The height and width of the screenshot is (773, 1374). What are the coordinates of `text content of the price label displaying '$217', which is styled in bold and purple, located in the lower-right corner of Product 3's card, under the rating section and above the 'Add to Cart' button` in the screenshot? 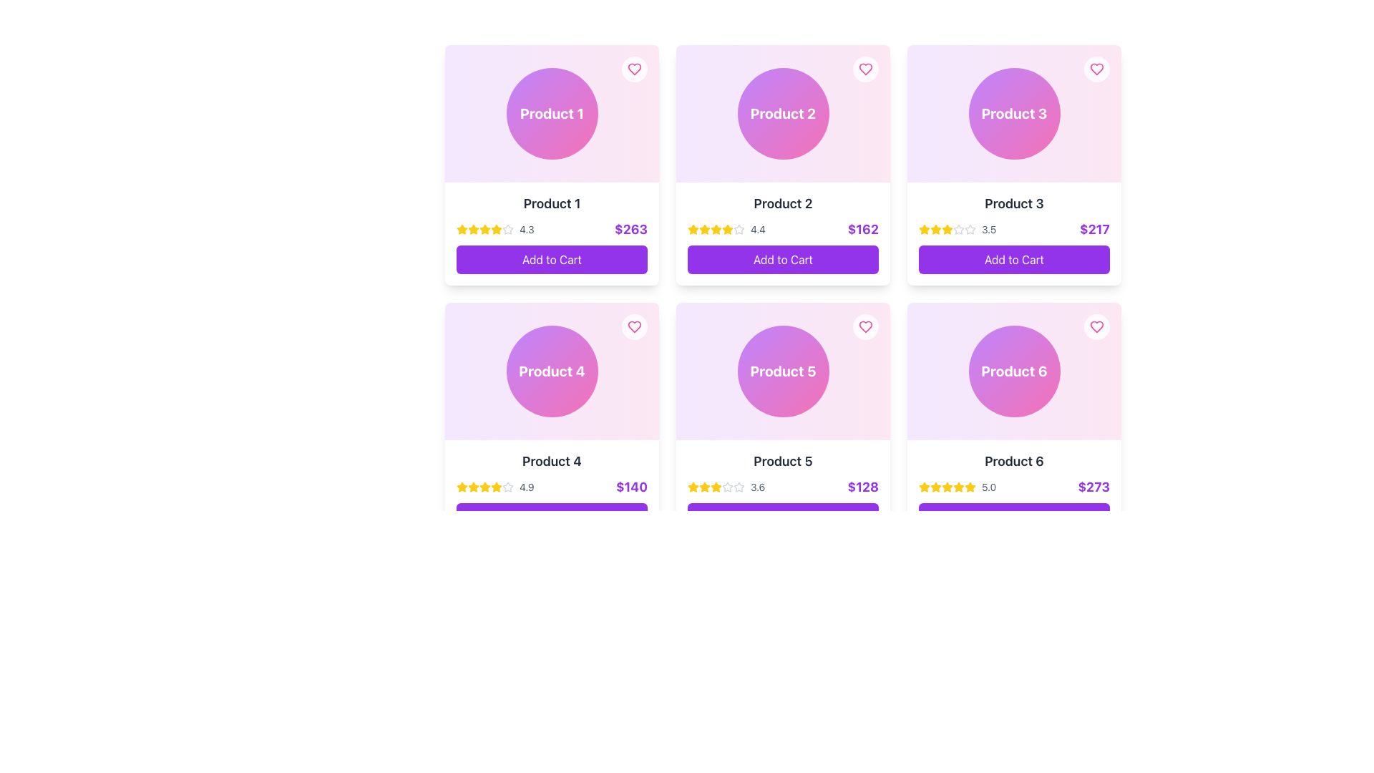 It's located at (1094, 228).